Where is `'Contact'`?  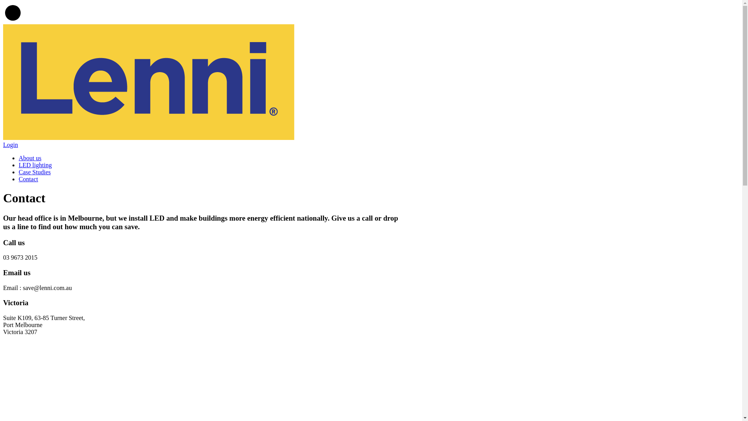 'Contact' is located at coordinates (28, 179).